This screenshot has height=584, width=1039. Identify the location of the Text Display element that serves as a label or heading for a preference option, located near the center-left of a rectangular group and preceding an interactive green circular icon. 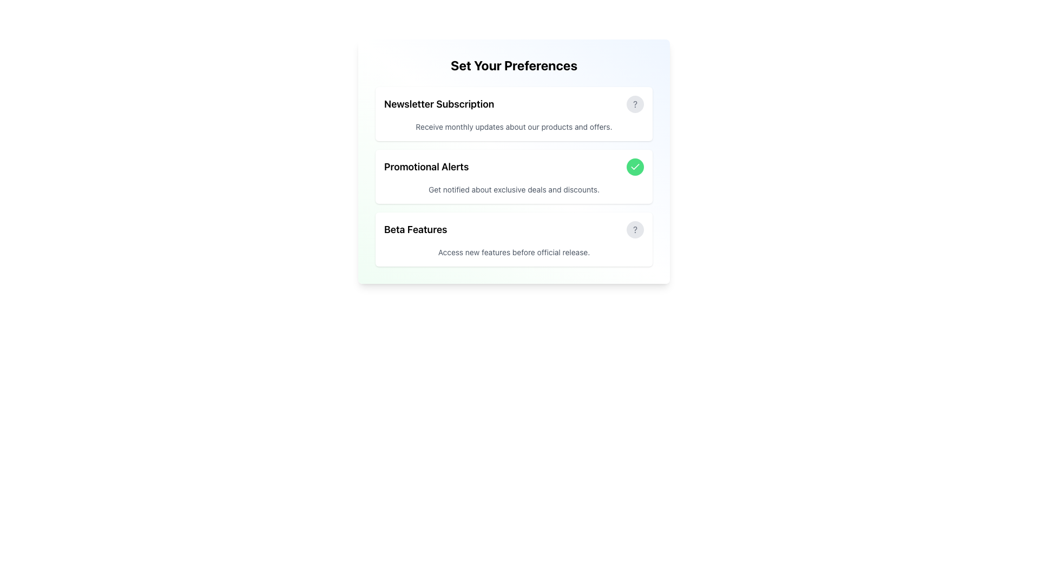
(426, 167).